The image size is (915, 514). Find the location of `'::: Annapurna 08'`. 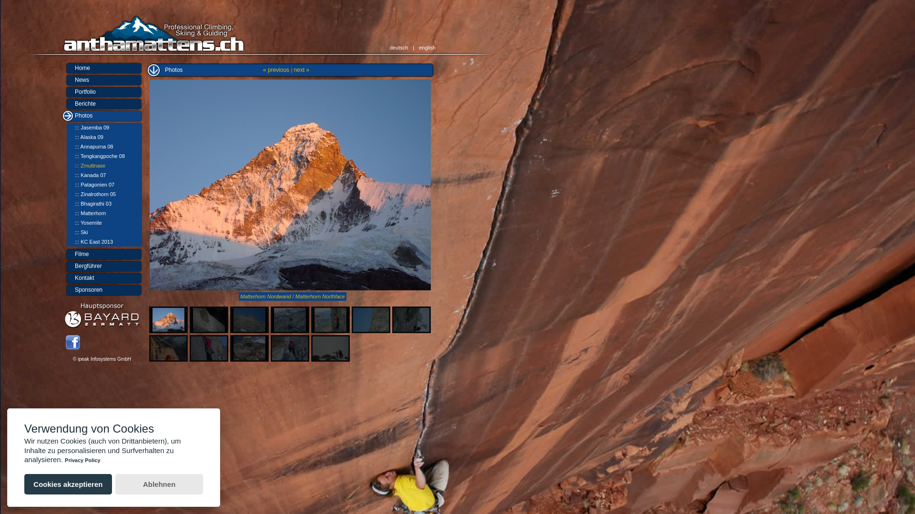

'::: Annapurna 08' is located at coordinates (87, 147).